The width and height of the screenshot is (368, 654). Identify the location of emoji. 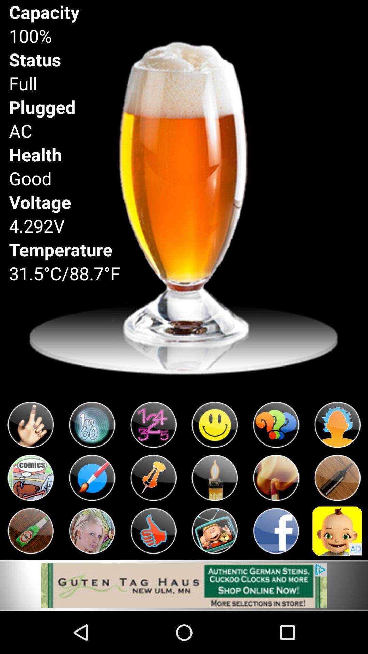
(30, 424).